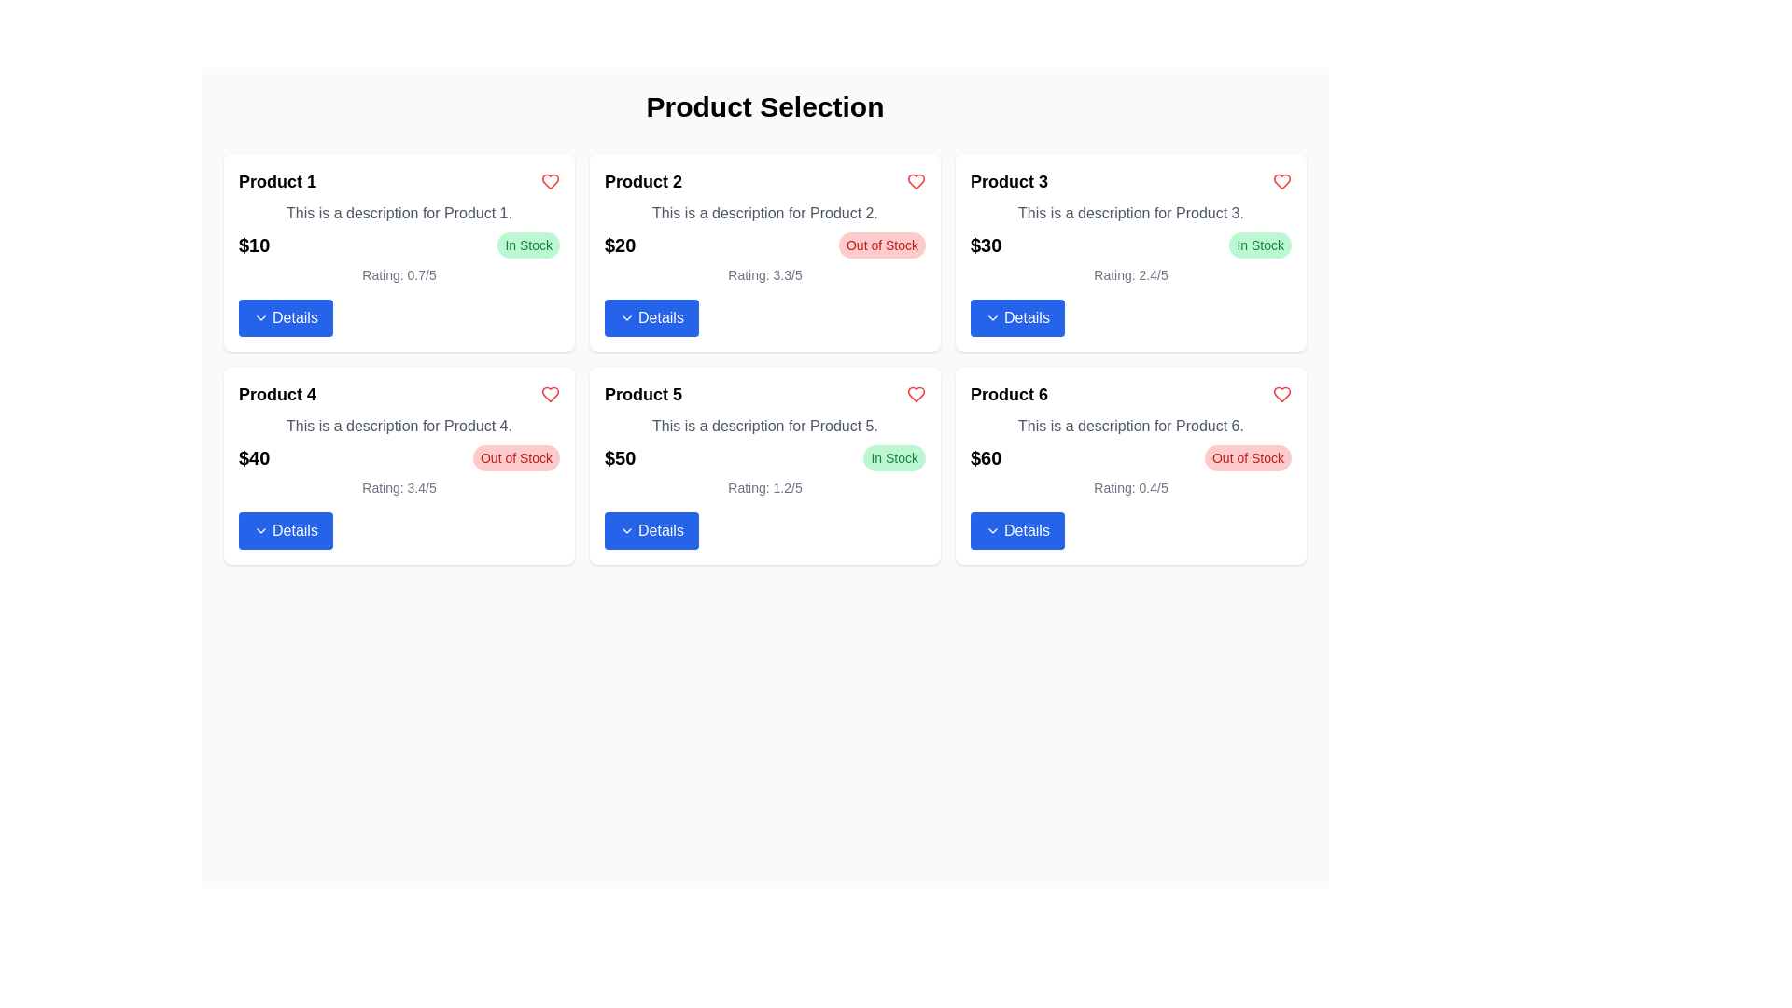 Image resolution: width=1792 pixels, height=1008 pixels. What do you see at coordinates (1281, 394) in the screenshot?
I see `the favorite button icon for 'Product 6' located in the top-right corner of its card using a keyboard shortcut` at bounding box center [1281, 394].